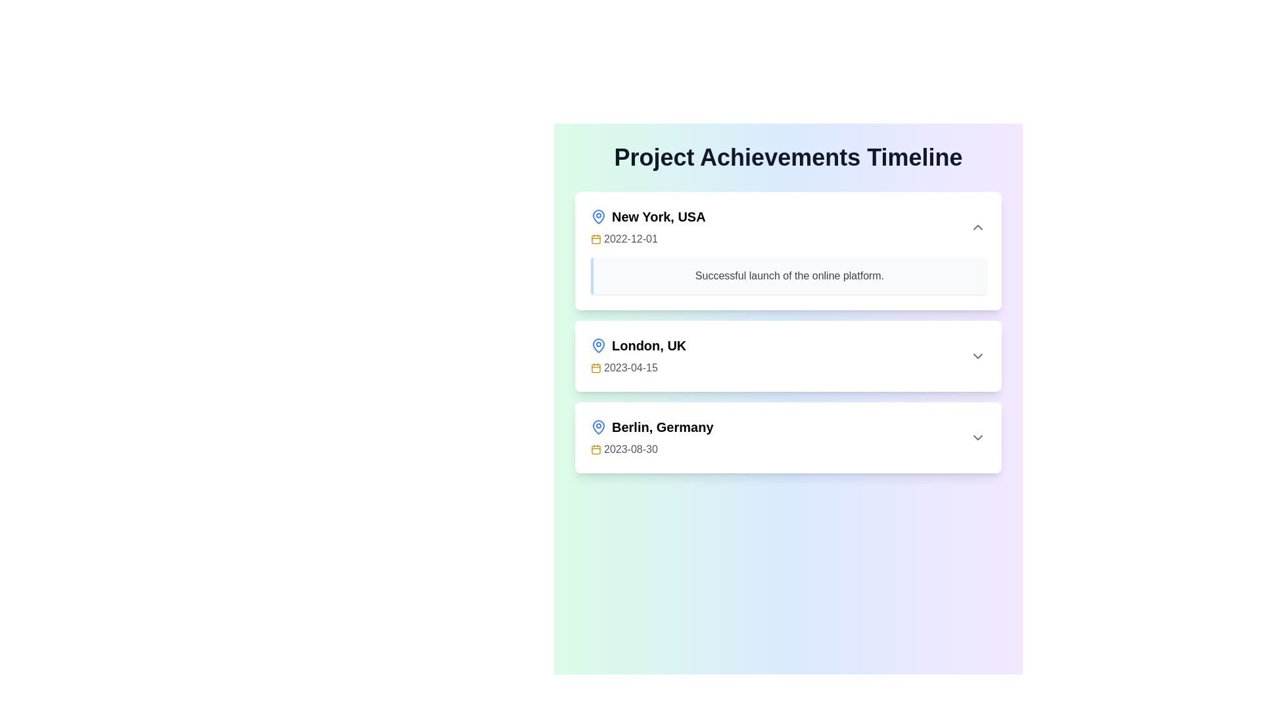 This screenshot has width=1262, height=710. Describe the element at coordinates (598, 426) in the screenshot. I see `the blue map pin icon located in the upper-left corner of the 'Berlin, Germany' card, which is positioned slightly to the left of the text 'Berlin, Germany'` at that location.